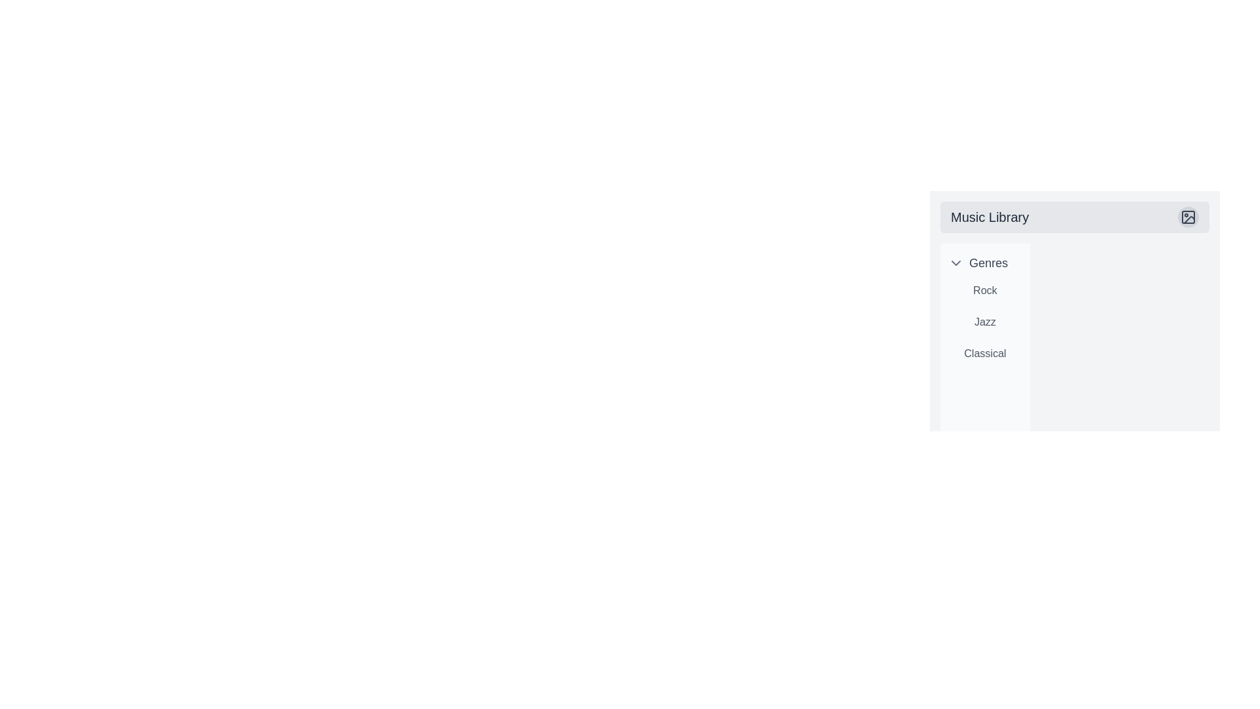  What do you see at coordinates (1188, 217) in the screenshot?
I see `the action button located in the top-right corner of the 'Music Library' header section` at bounding box center [1188, 217].